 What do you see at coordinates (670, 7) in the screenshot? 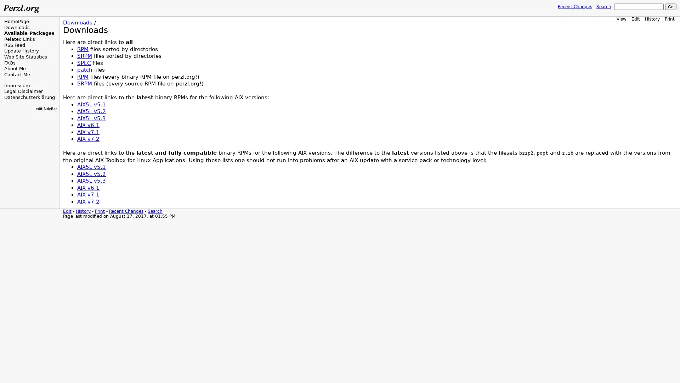
I see `Go` at bounding box center [670, 7].